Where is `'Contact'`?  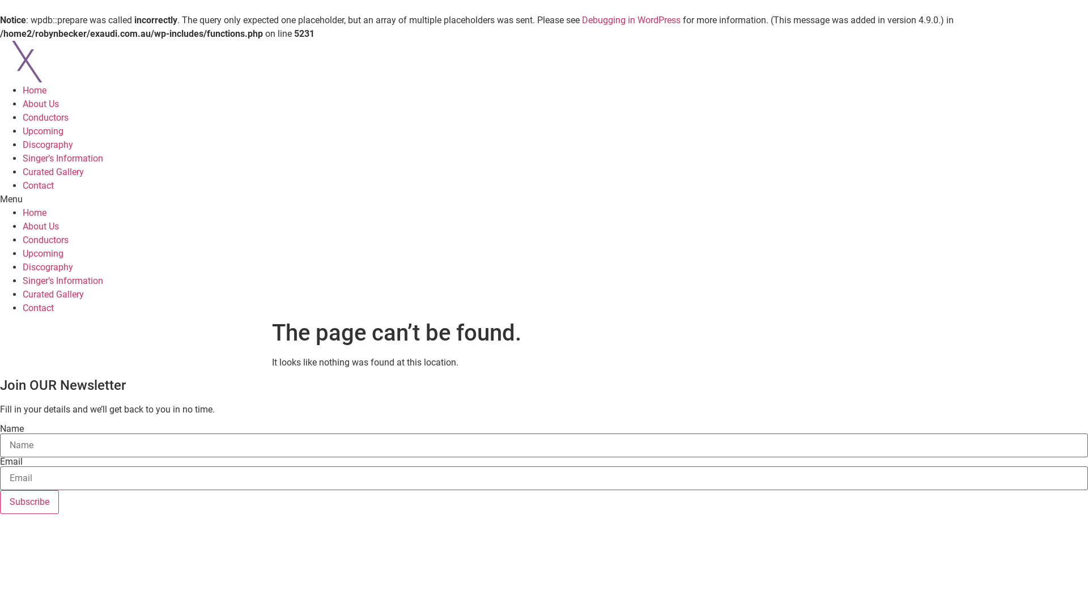 'Contact' is located at coordinates (38, 185).